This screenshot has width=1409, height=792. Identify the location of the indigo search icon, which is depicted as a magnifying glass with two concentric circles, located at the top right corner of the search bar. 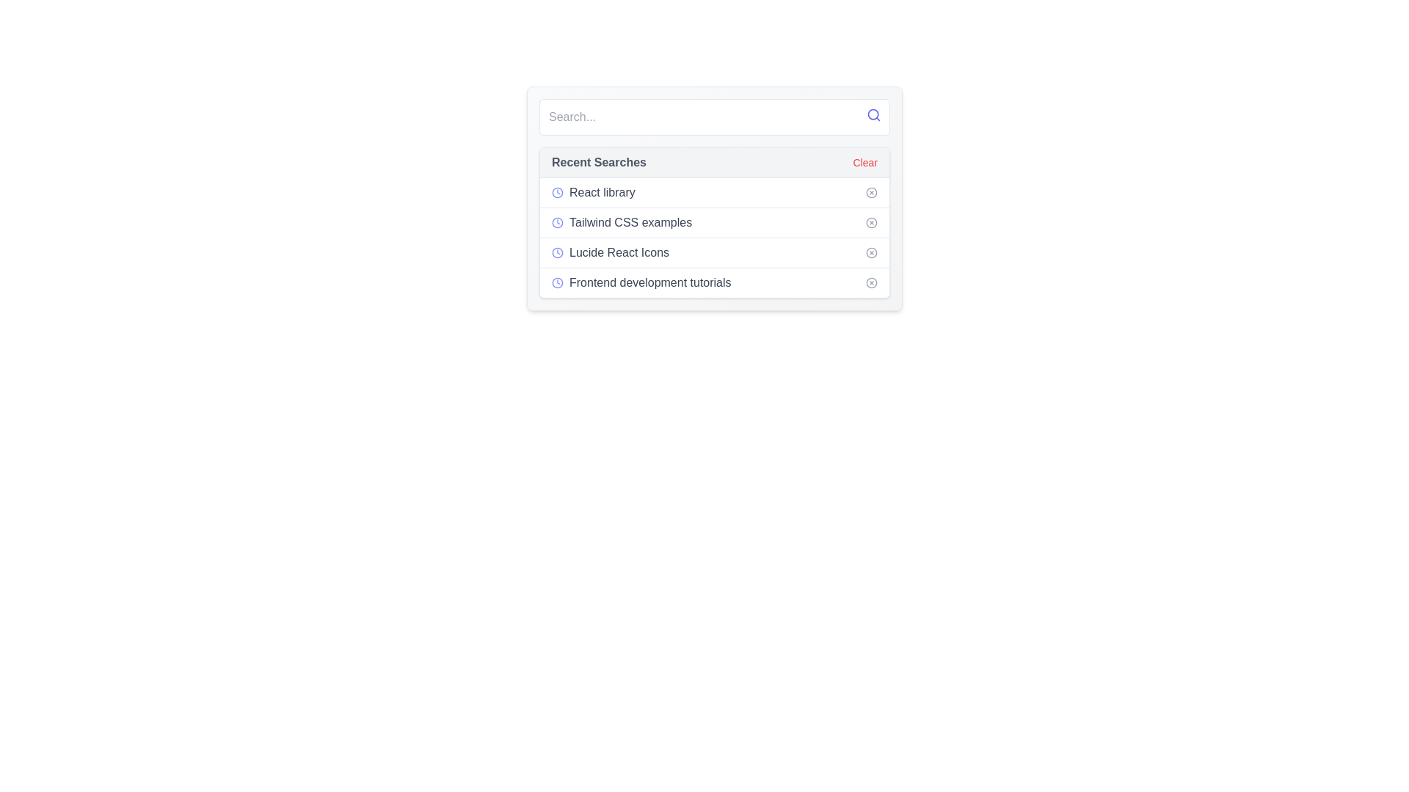
(873, 114).